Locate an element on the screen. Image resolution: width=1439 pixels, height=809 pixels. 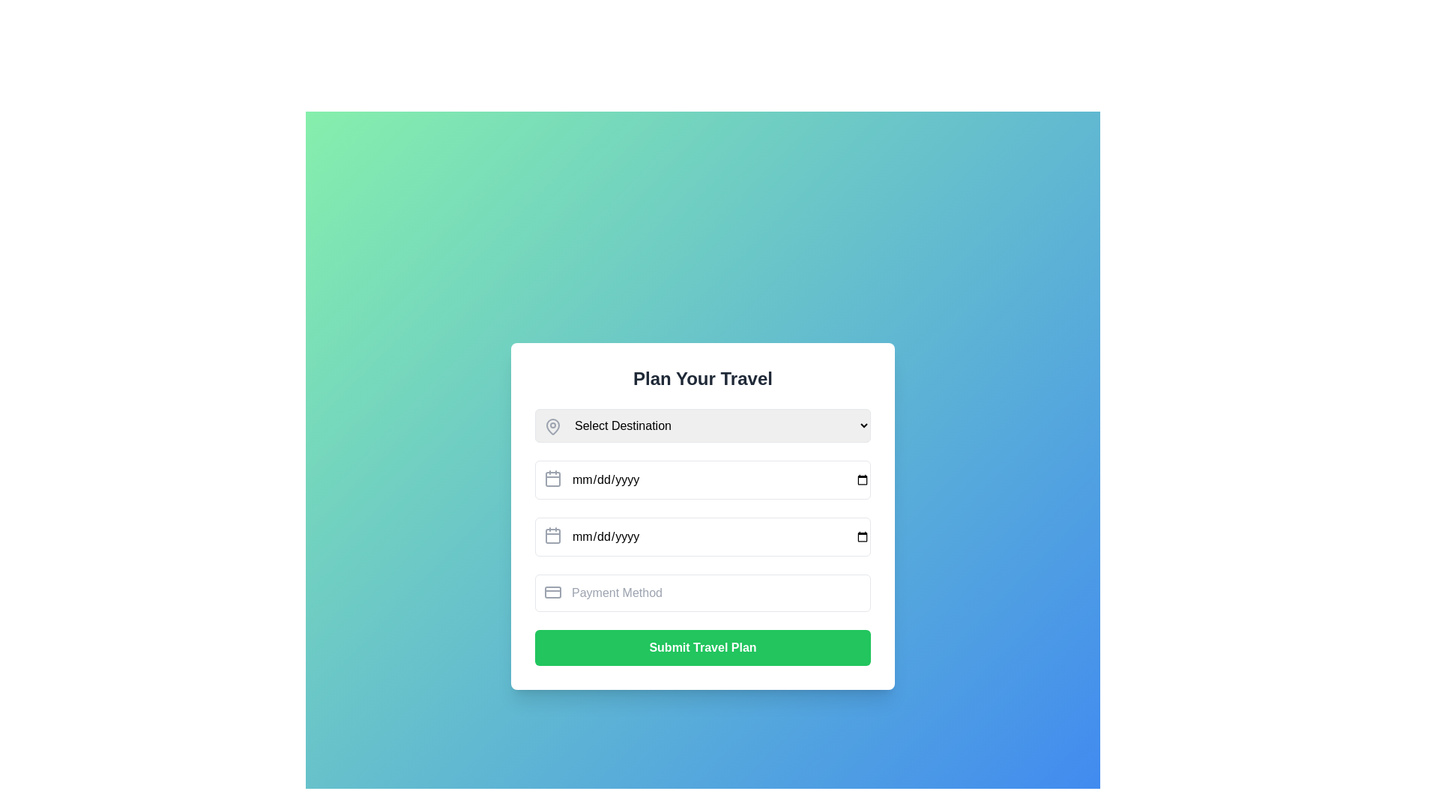
the gray map pin icon located at the top-left corner of the 'Select Destination' dropdown field is located at coordinates (552, 426).